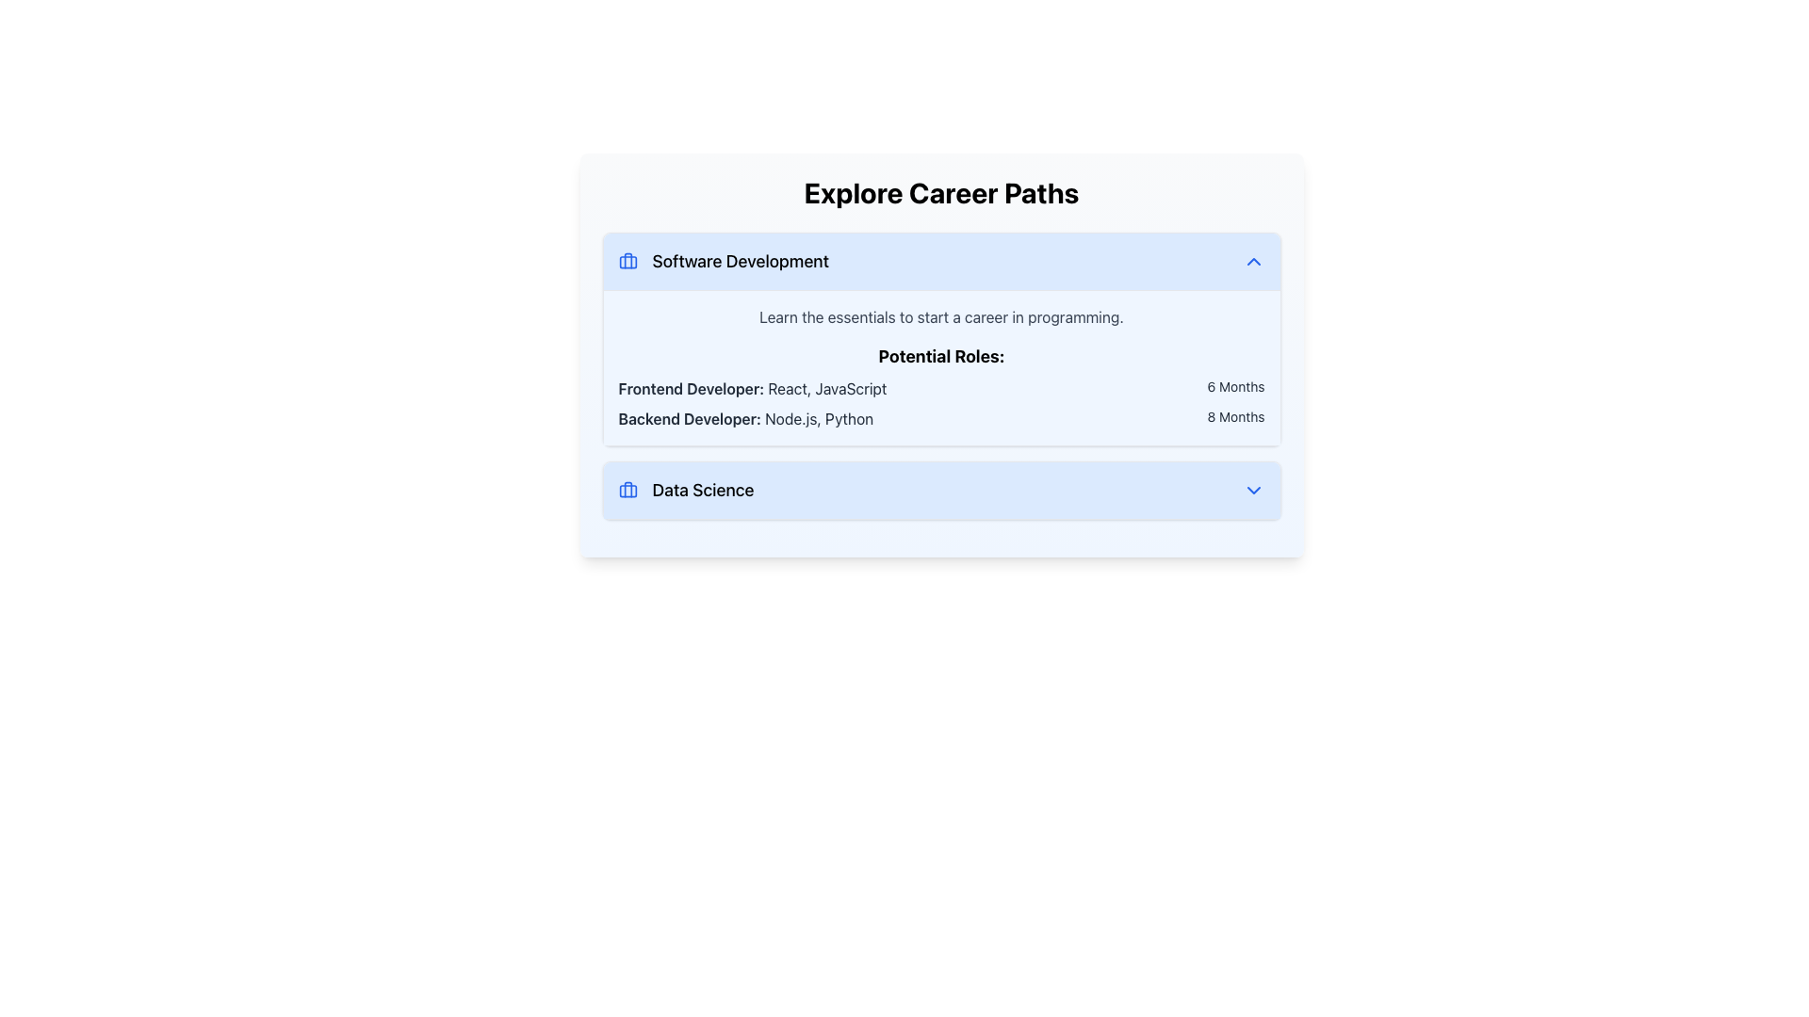 This screenshot has height=1017, width=1809. Describe the element at coordinates (627, 261) in the screenshot. I see `the blue briefcase icon located to the left of the 'Software Development' text` at that location.